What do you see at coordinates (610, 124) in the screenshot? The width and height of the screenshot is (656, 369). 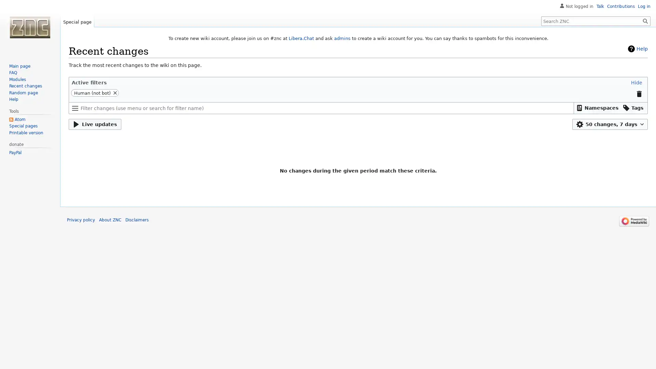 I see `50 changes, 7 days` at bounding box center [610, 124].